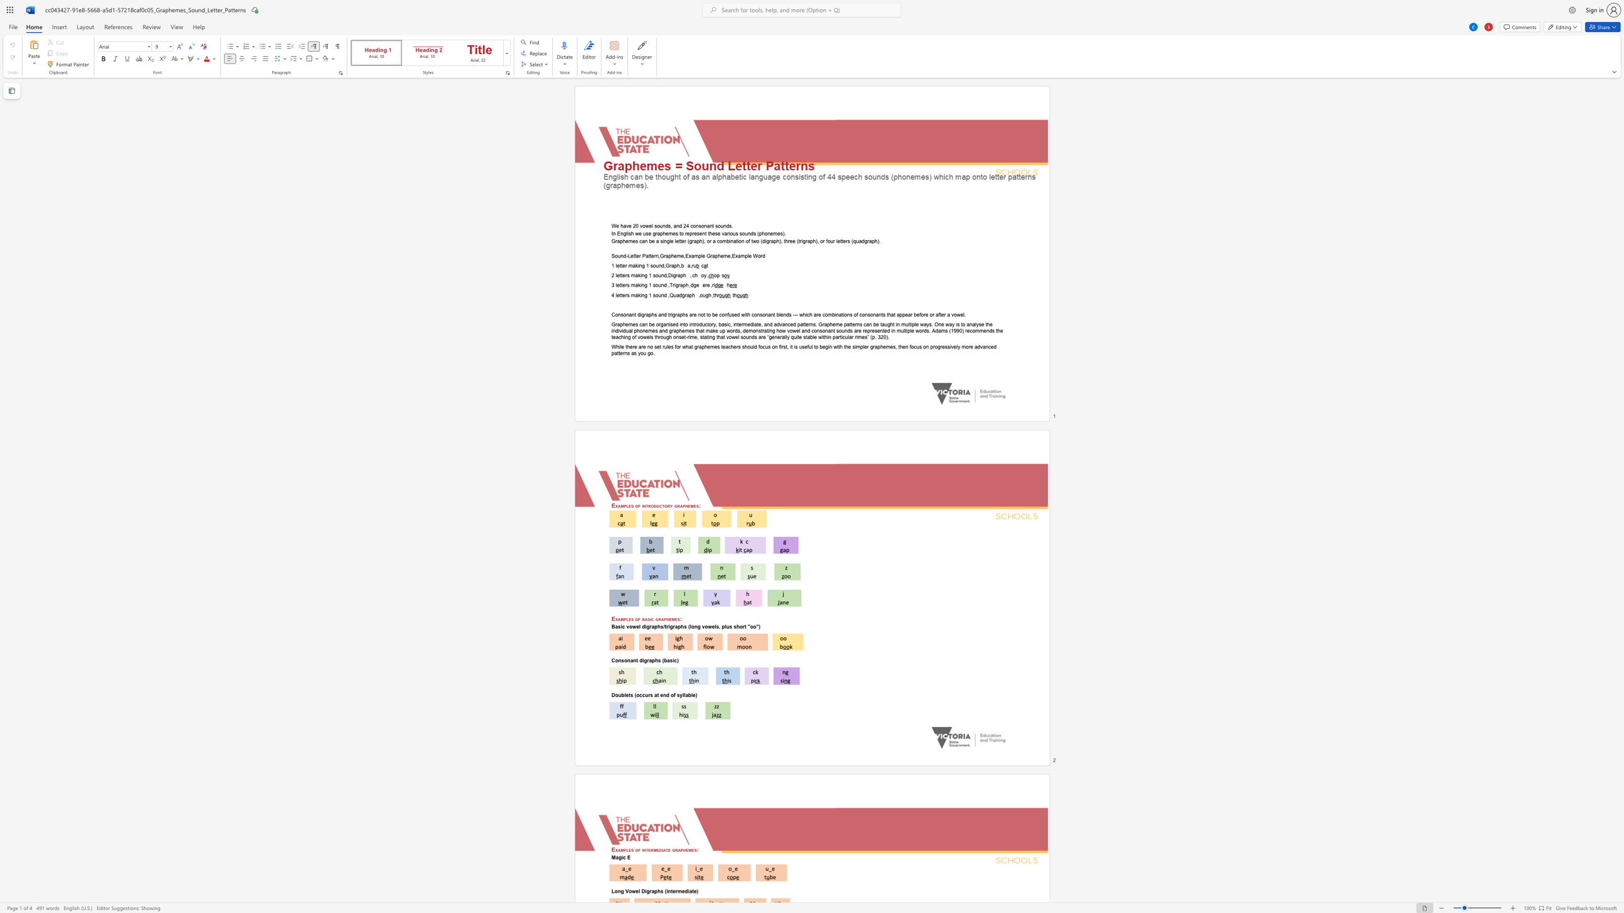  I want to click on the subset text "ic" within the text "Consonant digraphs (basic)", so click(671, 660).